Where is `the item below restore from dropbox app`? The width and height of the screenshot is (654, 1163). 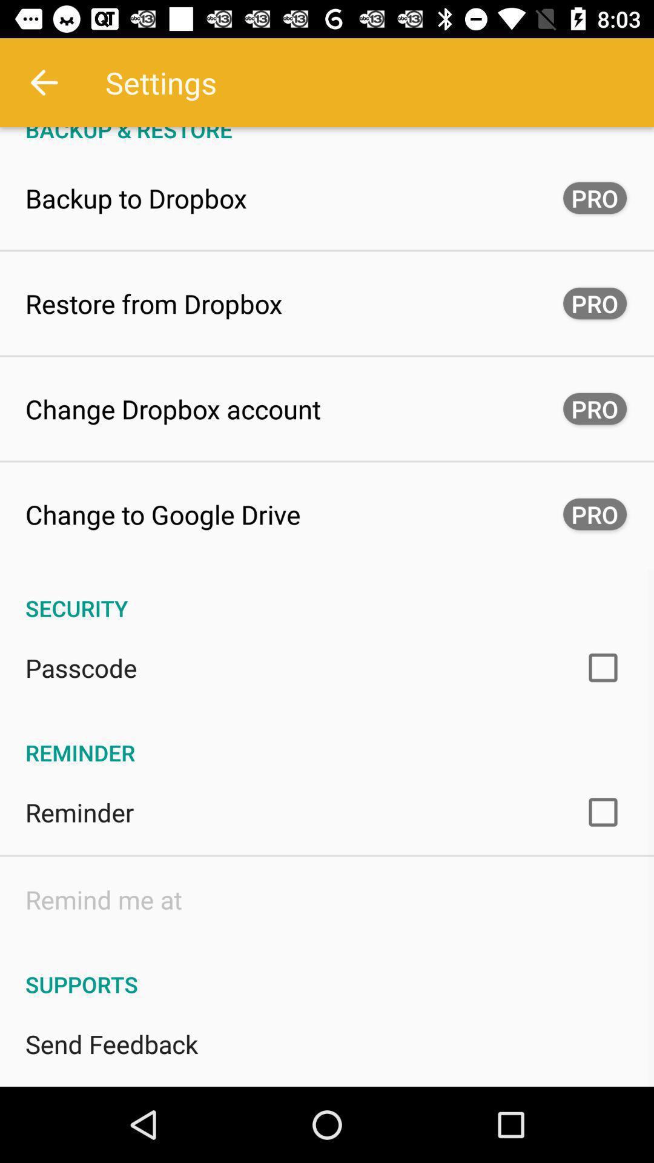 the item below restore from dropbox app is located at coordinates (173, 409).